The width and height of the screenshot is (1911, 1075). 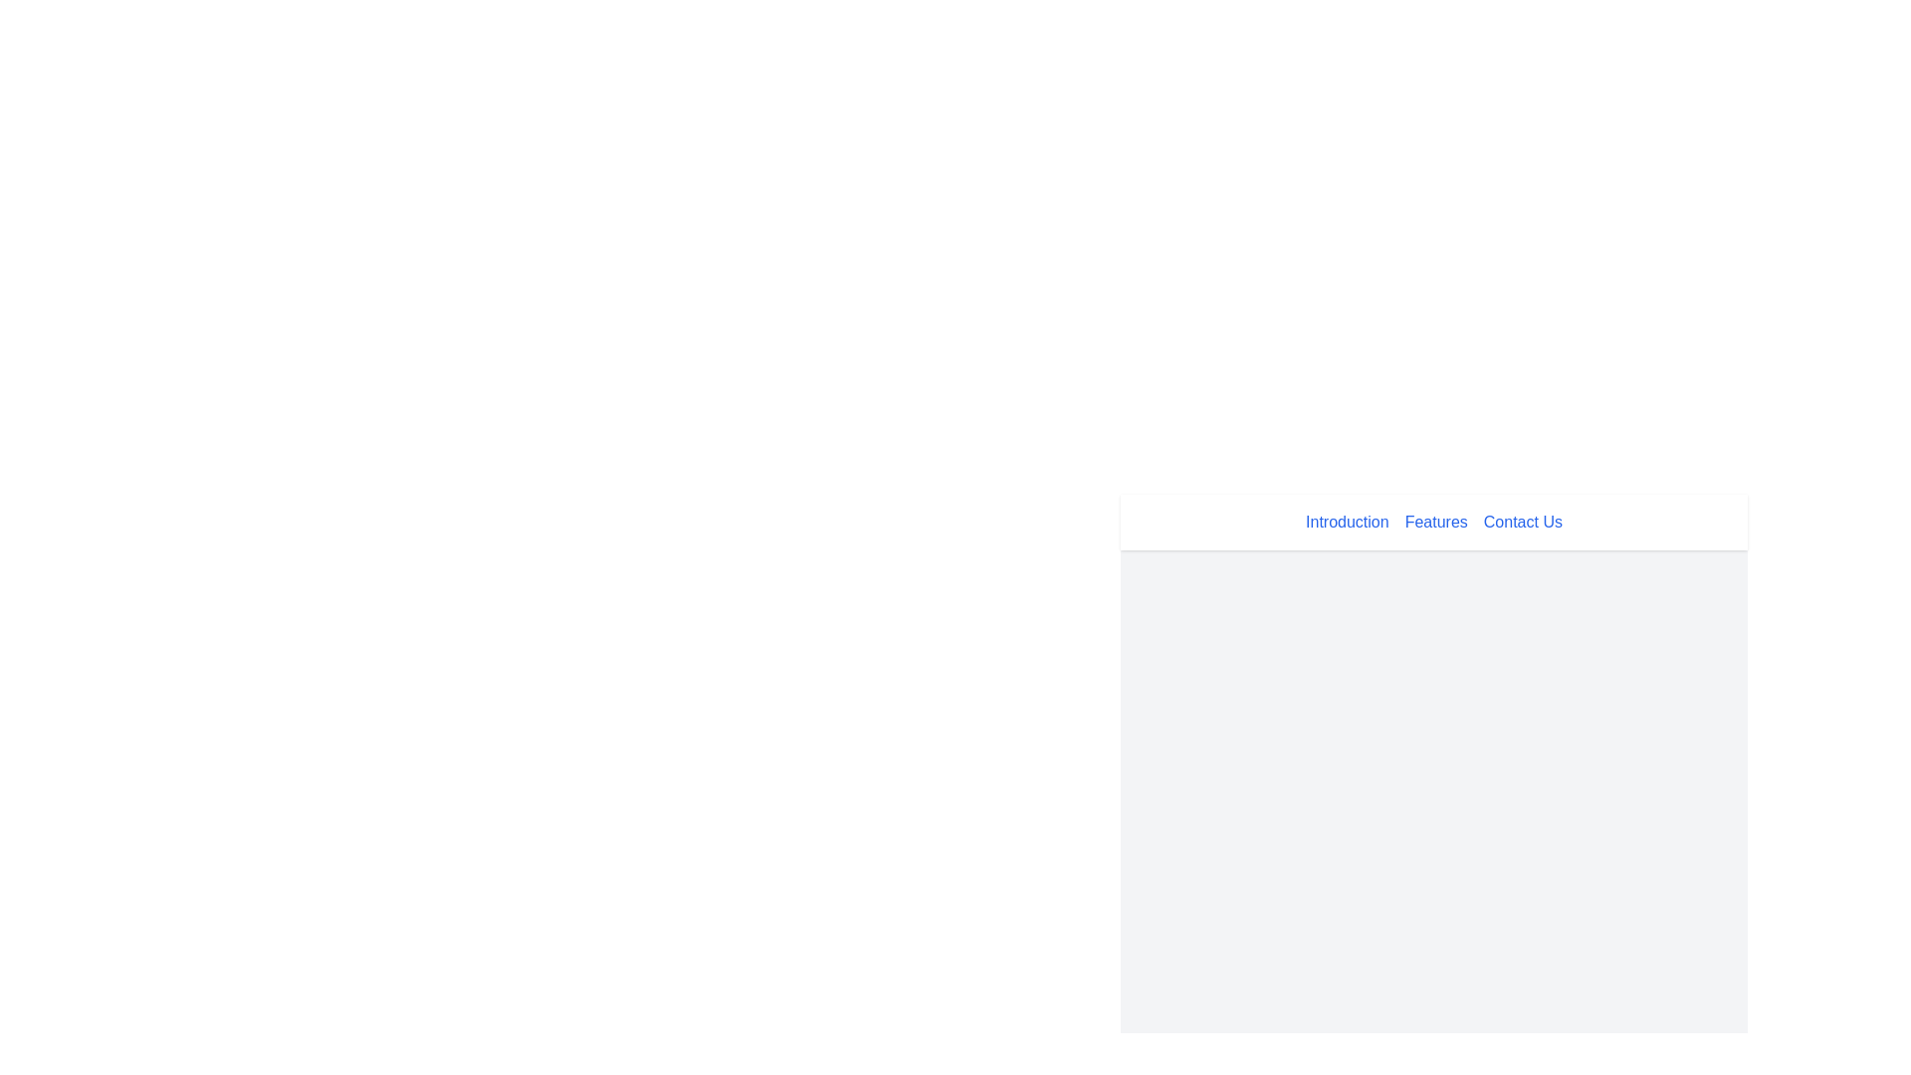 I want to click on the 'Features' navigational link located at the top part of the interface, so click(x=1436, y=521).